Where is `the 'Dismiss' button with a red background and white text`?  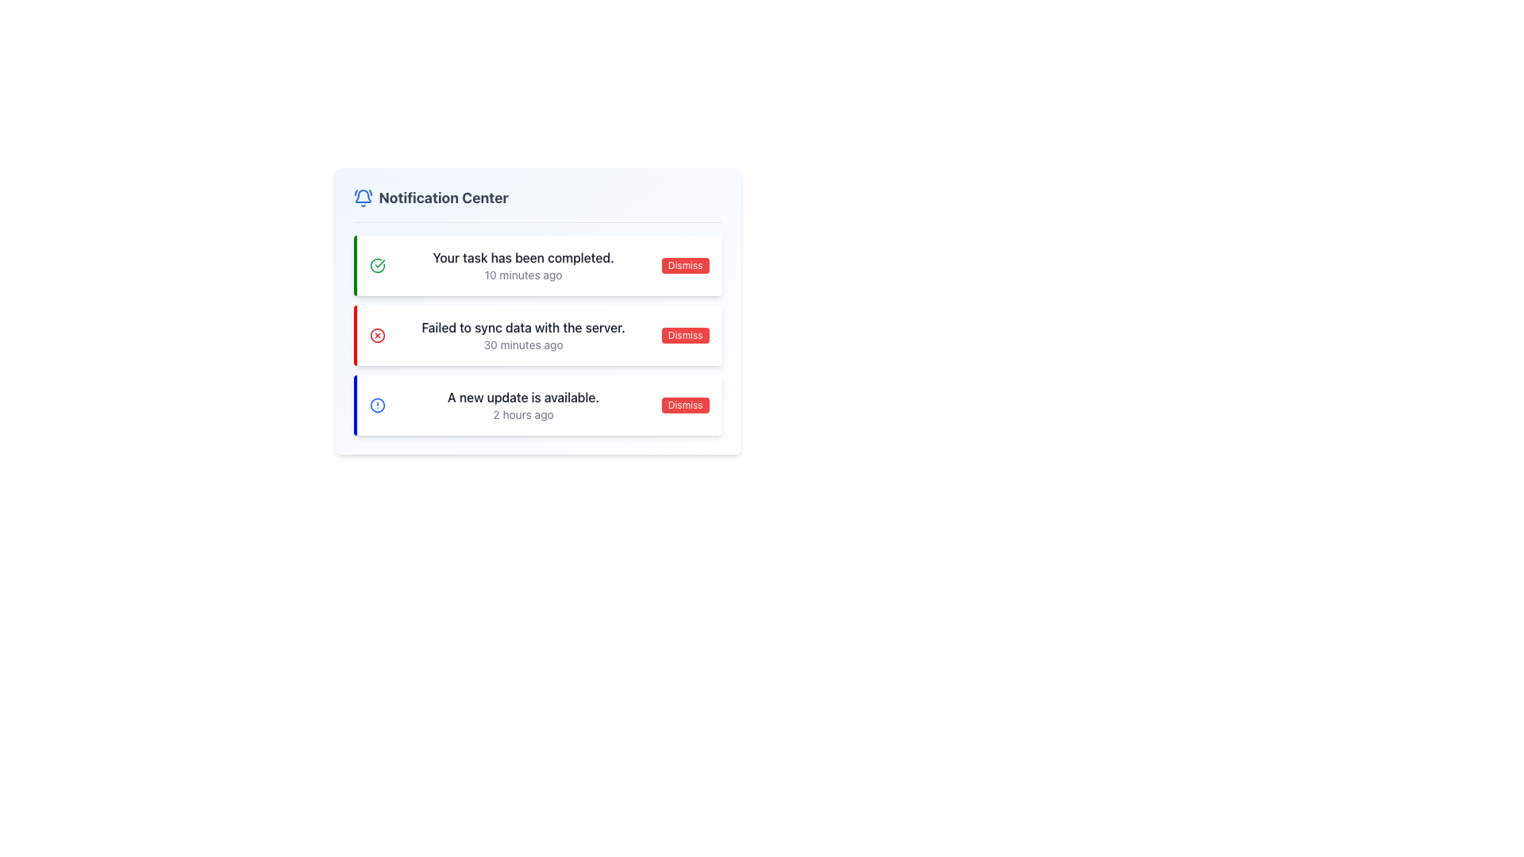 the 'Dismiss' button with a red background and white text is located at coordinates (685, 265).